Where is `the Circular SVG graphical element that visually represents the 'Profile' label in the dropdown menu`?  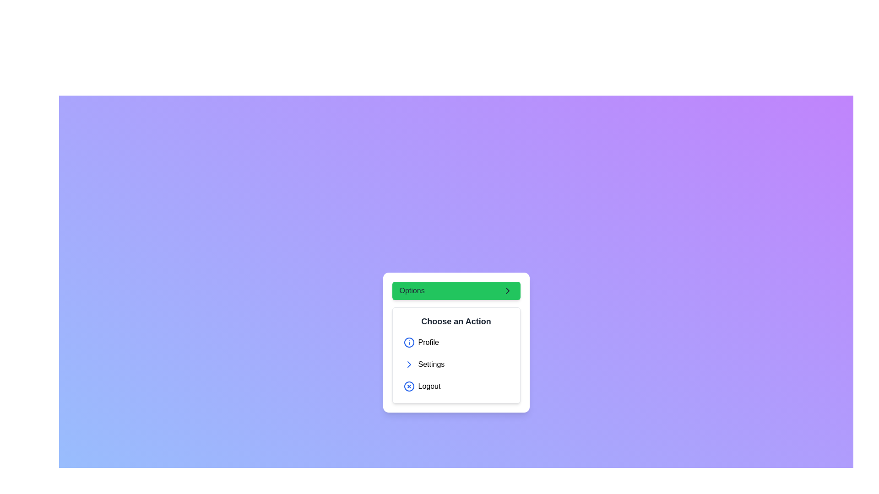
the Circular SVG graphical element that visually represents the 'Profile' label in the dropdown menu is located at coordinates (408, 342).